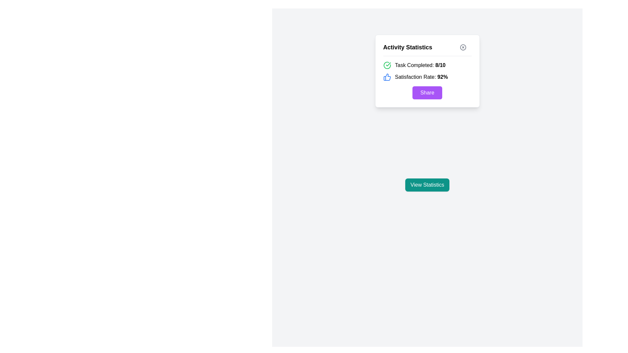 Image resolution: width=628 pixels, height=353 pixels. What do you see at coordinates (427, 76) in the screenshot?
I see `the Label with graphical icon that presents user satisfaction summary in the Activity Statistics card, located below 'Task Completed: 8/10'` at bounding box center [427, 76].